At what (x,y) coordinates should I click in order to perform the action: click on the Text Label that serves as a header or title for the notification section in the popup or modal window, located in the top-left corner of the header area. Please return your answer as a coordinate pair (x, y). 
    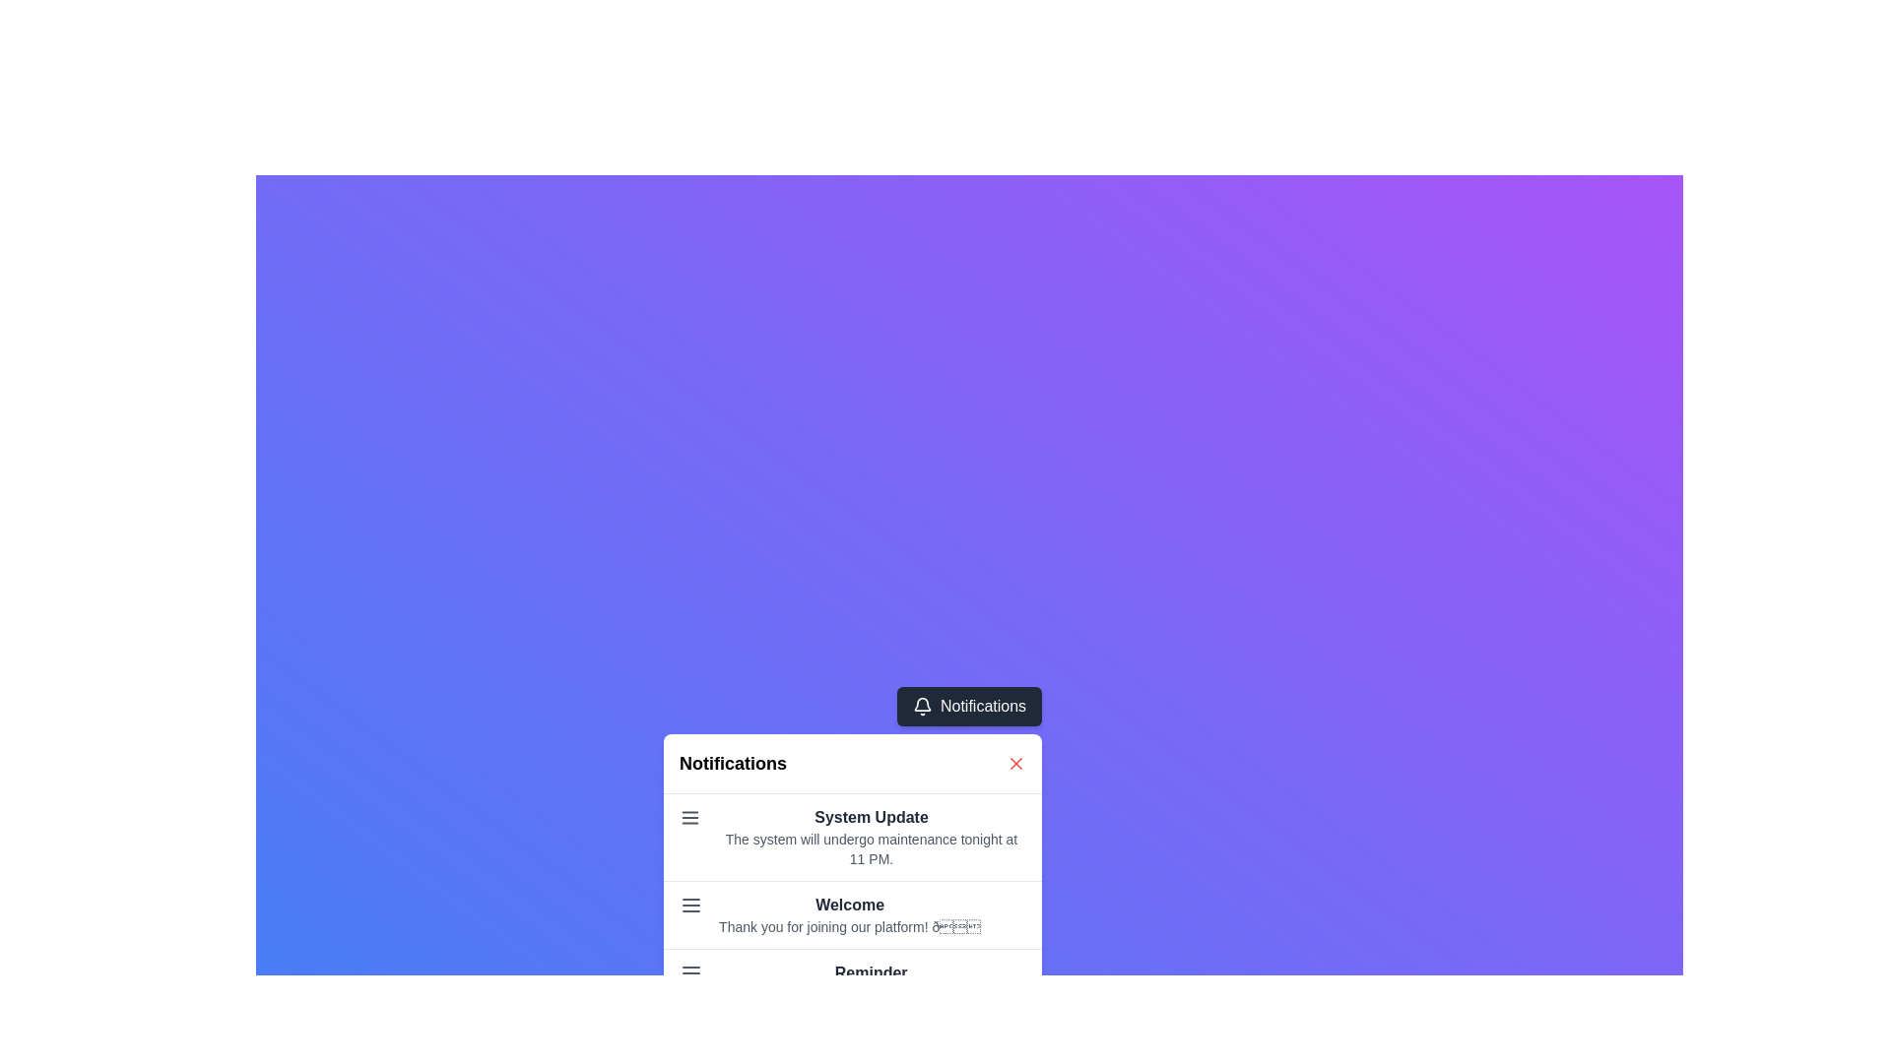
    Looking at the image, I should click on (732, 762).